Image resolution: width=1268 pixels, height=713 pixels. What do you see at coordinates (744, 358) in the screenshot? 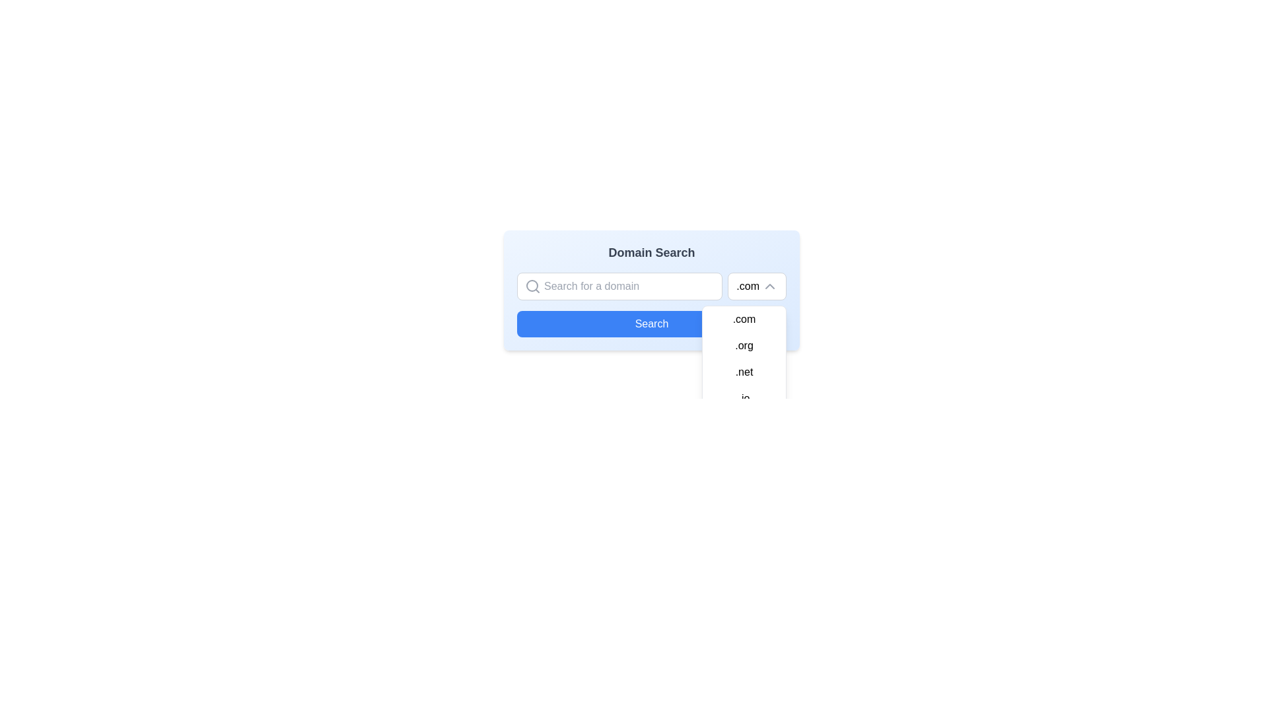
I see `the third item in the domain suffix dropdown menu, which is located below the input field and follows the options '.com' and '.org'` at bounding box center [744, 358].